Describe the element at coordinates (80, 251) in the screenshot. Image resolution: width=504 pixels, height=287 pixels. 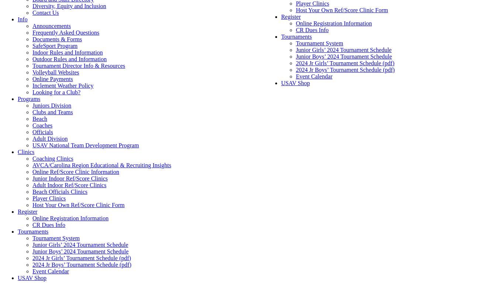
I see `'Junior Boys’ 2024 Tournament Schedule'` at that location.